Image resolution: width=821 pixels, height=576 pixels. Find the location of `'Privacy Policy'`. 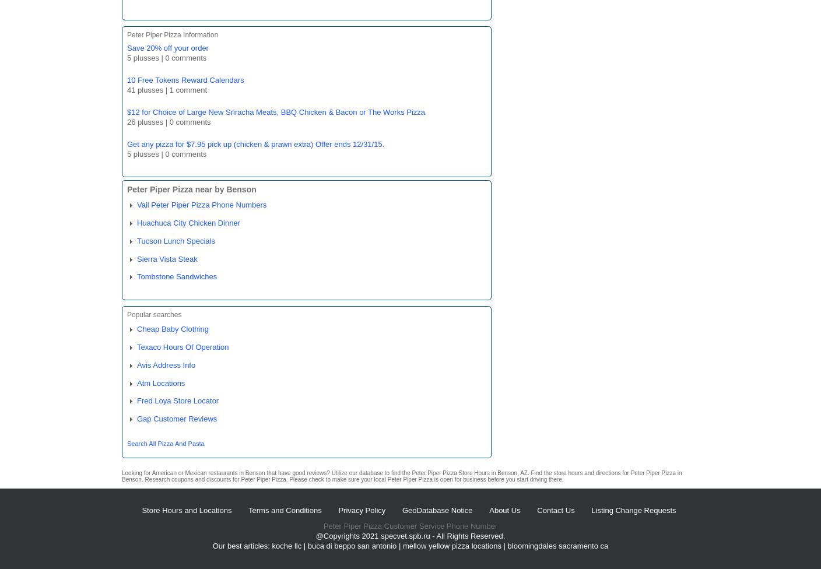

'Privacy Policy' is located at coordinates (337, 509).